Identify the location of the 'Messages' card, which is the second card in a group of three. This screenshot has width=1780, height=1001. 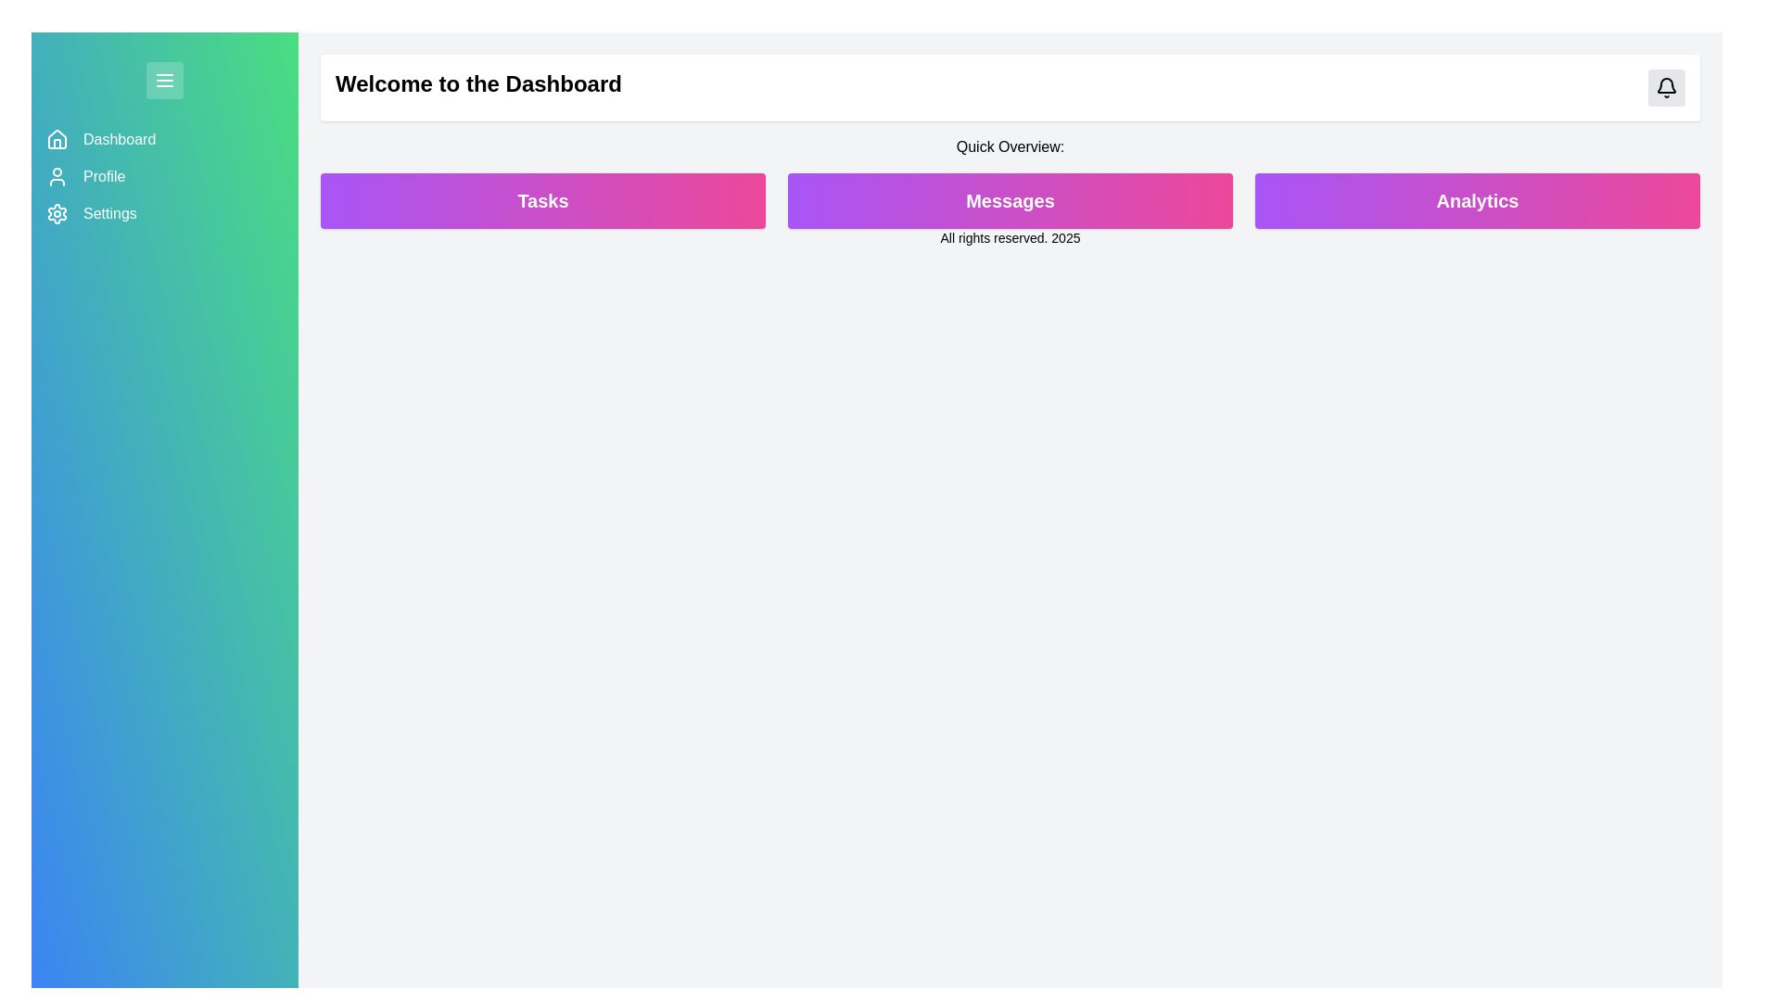
(1009, 200).